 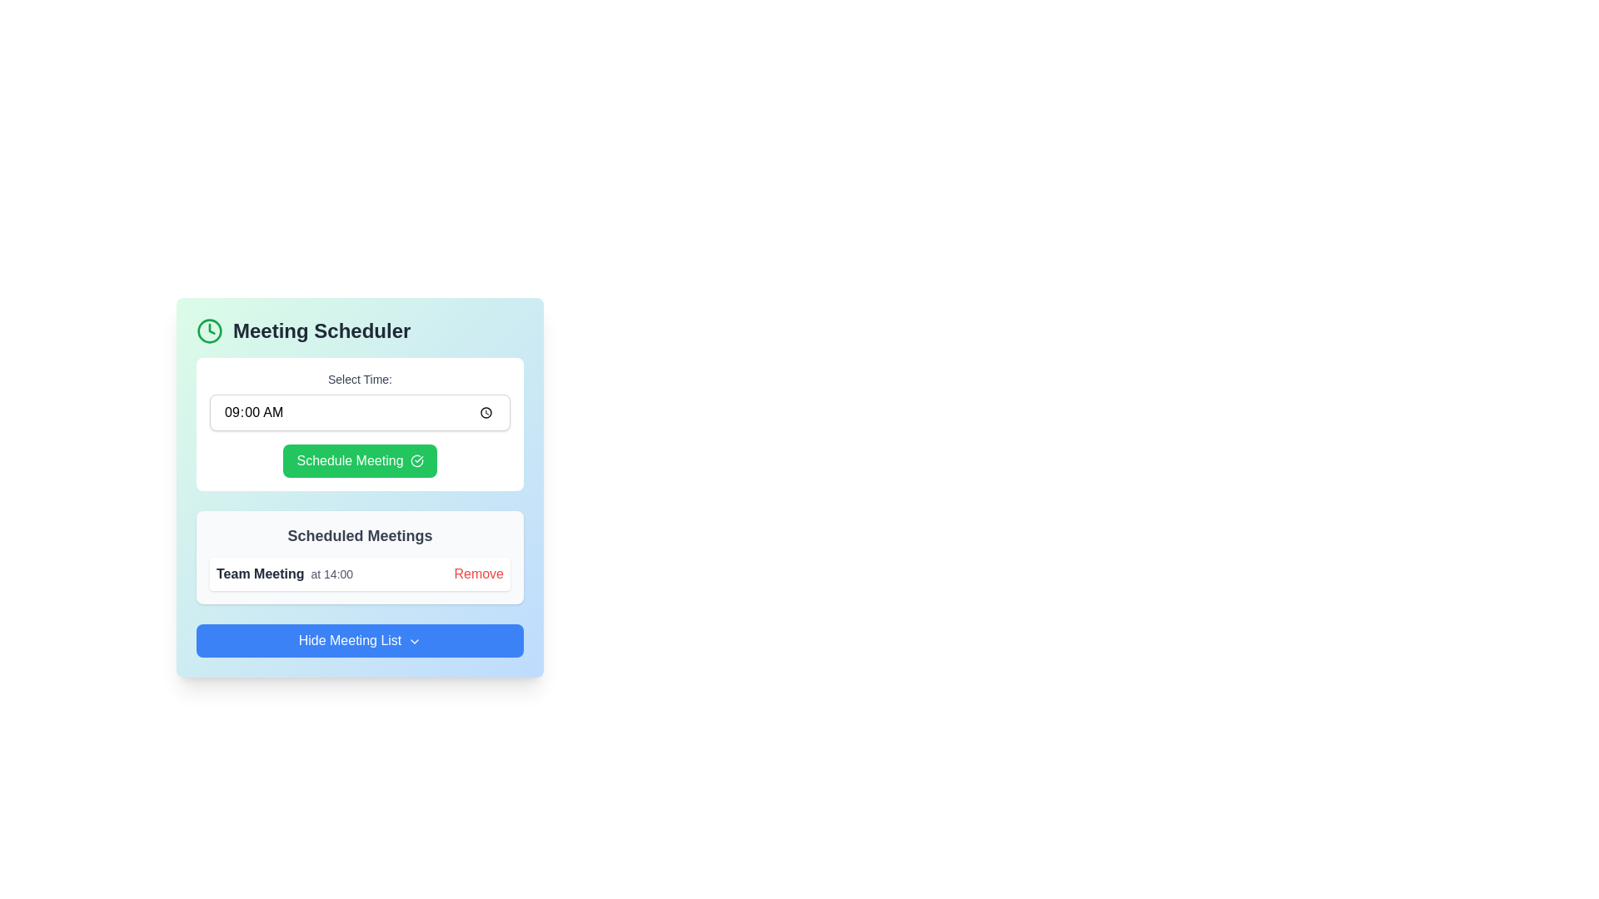 I want to click on the Text Label indicating the scheduled time ('14:00') for the meeting labeled 'Team Meeting', located in the 'Scheduled Meetings' section, so click(x=331, y=574).